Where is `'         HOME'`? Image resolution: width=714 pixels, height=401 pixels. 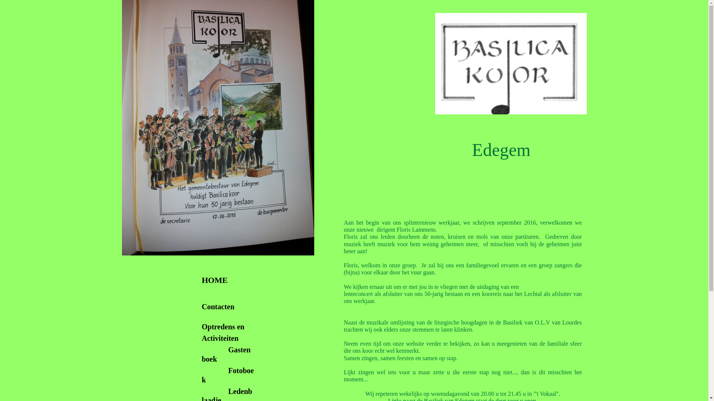 '         HOME' is located at coordinates (202, 276).